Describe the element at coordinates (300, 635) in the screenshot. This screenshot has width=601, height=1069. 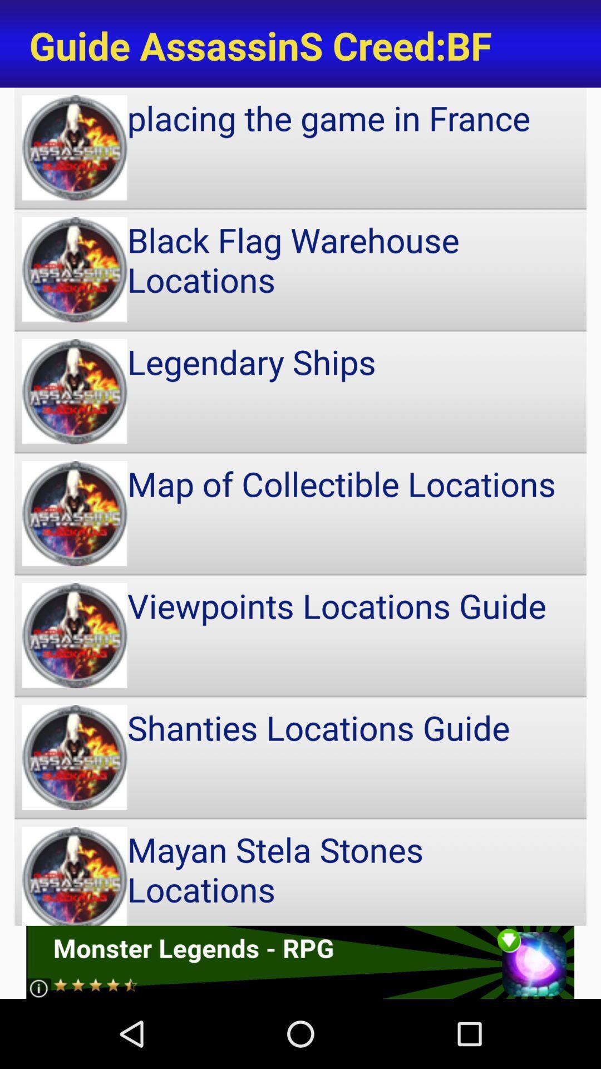
I see `the item above the shanties locations guide` at that location.